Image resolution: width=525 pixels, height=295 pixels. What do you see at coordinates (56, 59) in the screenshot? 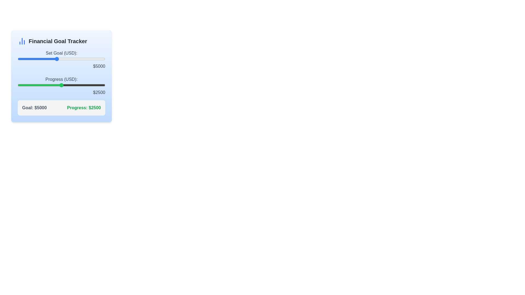
I see `the financial goal slider to 4960 USD` at bounding box center [56, 59].